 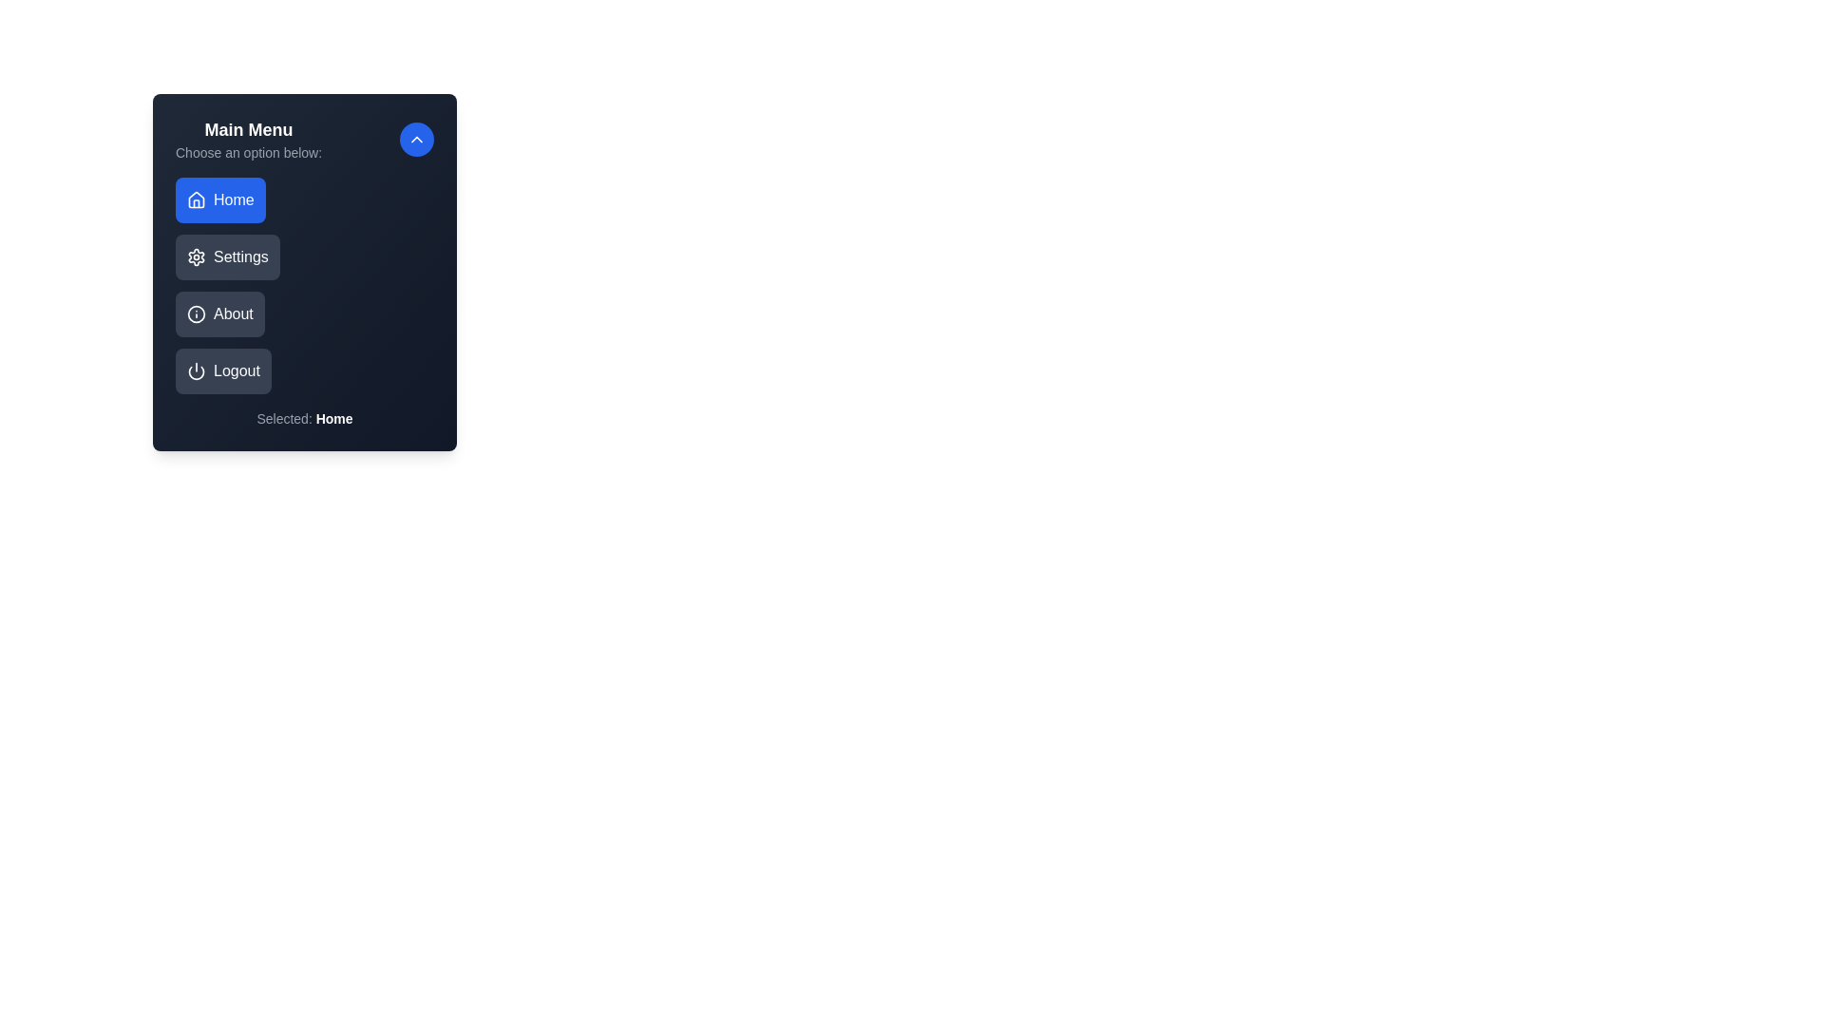 I want to click on the circular icon graphic located to the left of the 'About' text in the main menu, which helps to visually distinguish this menu option, so click(x=196, y=313).